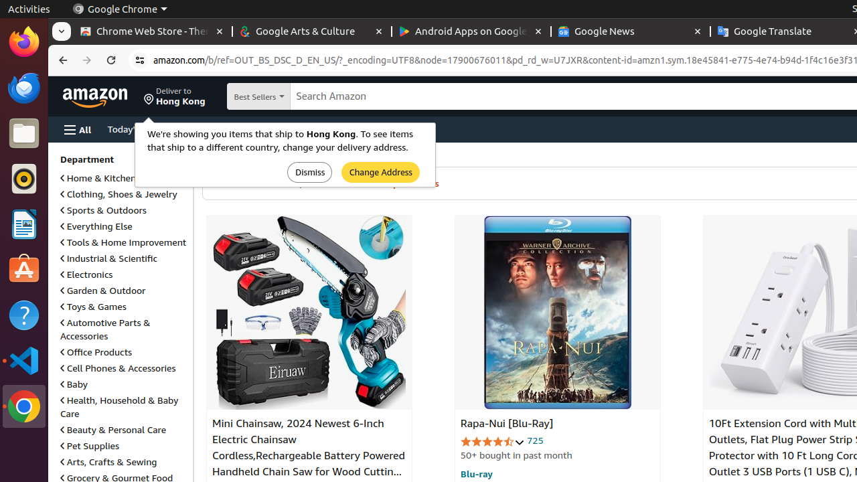 The height and width of the screenshot is (482, 857). I want to click on 'Deliver to Hong Kong', so click(173, 96).